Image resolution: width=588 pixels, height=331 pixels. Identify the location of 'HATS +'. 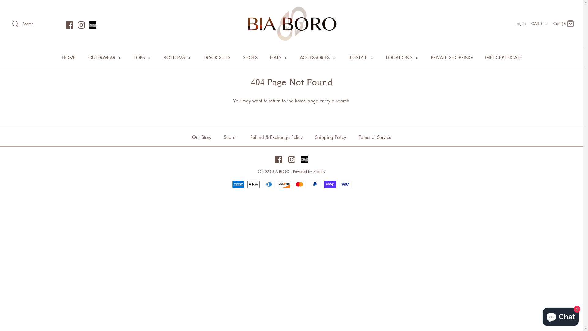
(278, 57).